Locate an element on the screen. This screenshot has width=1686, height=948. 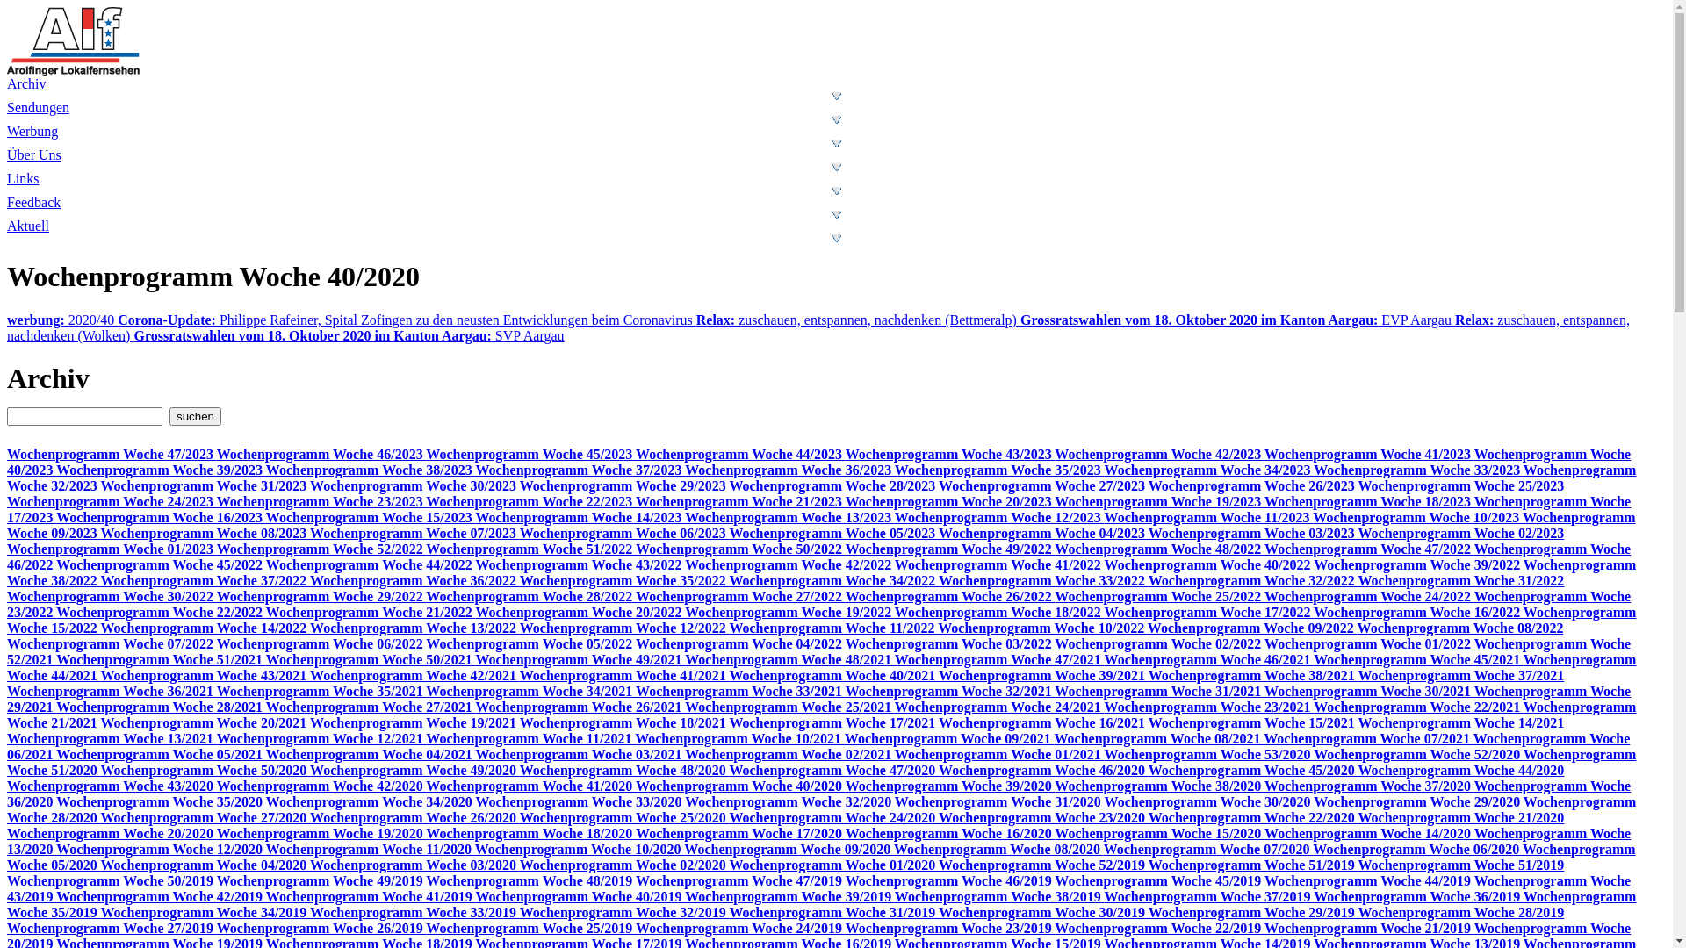
'Wochenprogramm Woche 49/2022' is located at coordinates (949, 548).